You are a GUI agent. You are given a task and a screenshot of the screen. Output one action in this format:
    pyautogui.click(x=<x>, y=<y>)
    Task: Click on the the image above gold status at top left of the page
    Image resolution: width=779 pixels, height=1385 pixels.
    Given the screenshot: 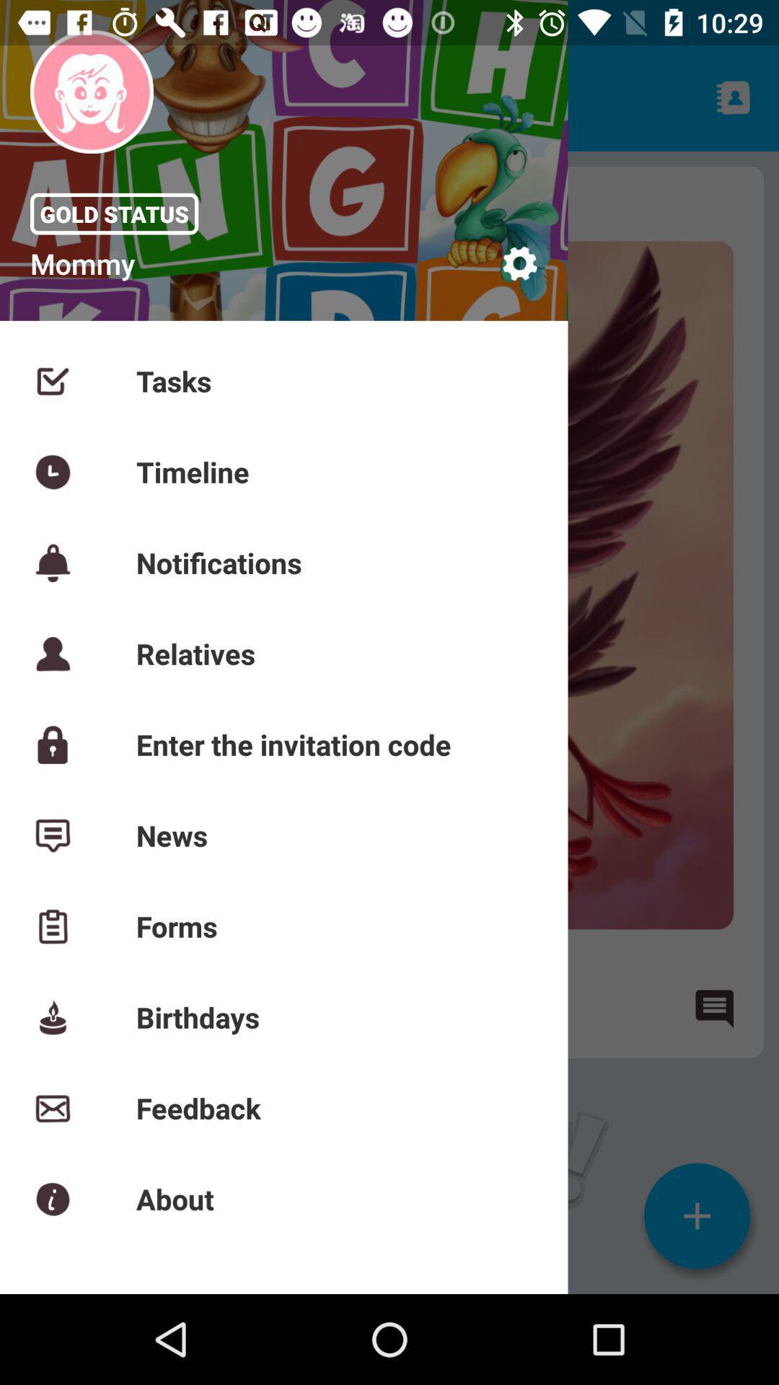 What is the action you would take?
    pyautogui.click(x=92, y=91)
    